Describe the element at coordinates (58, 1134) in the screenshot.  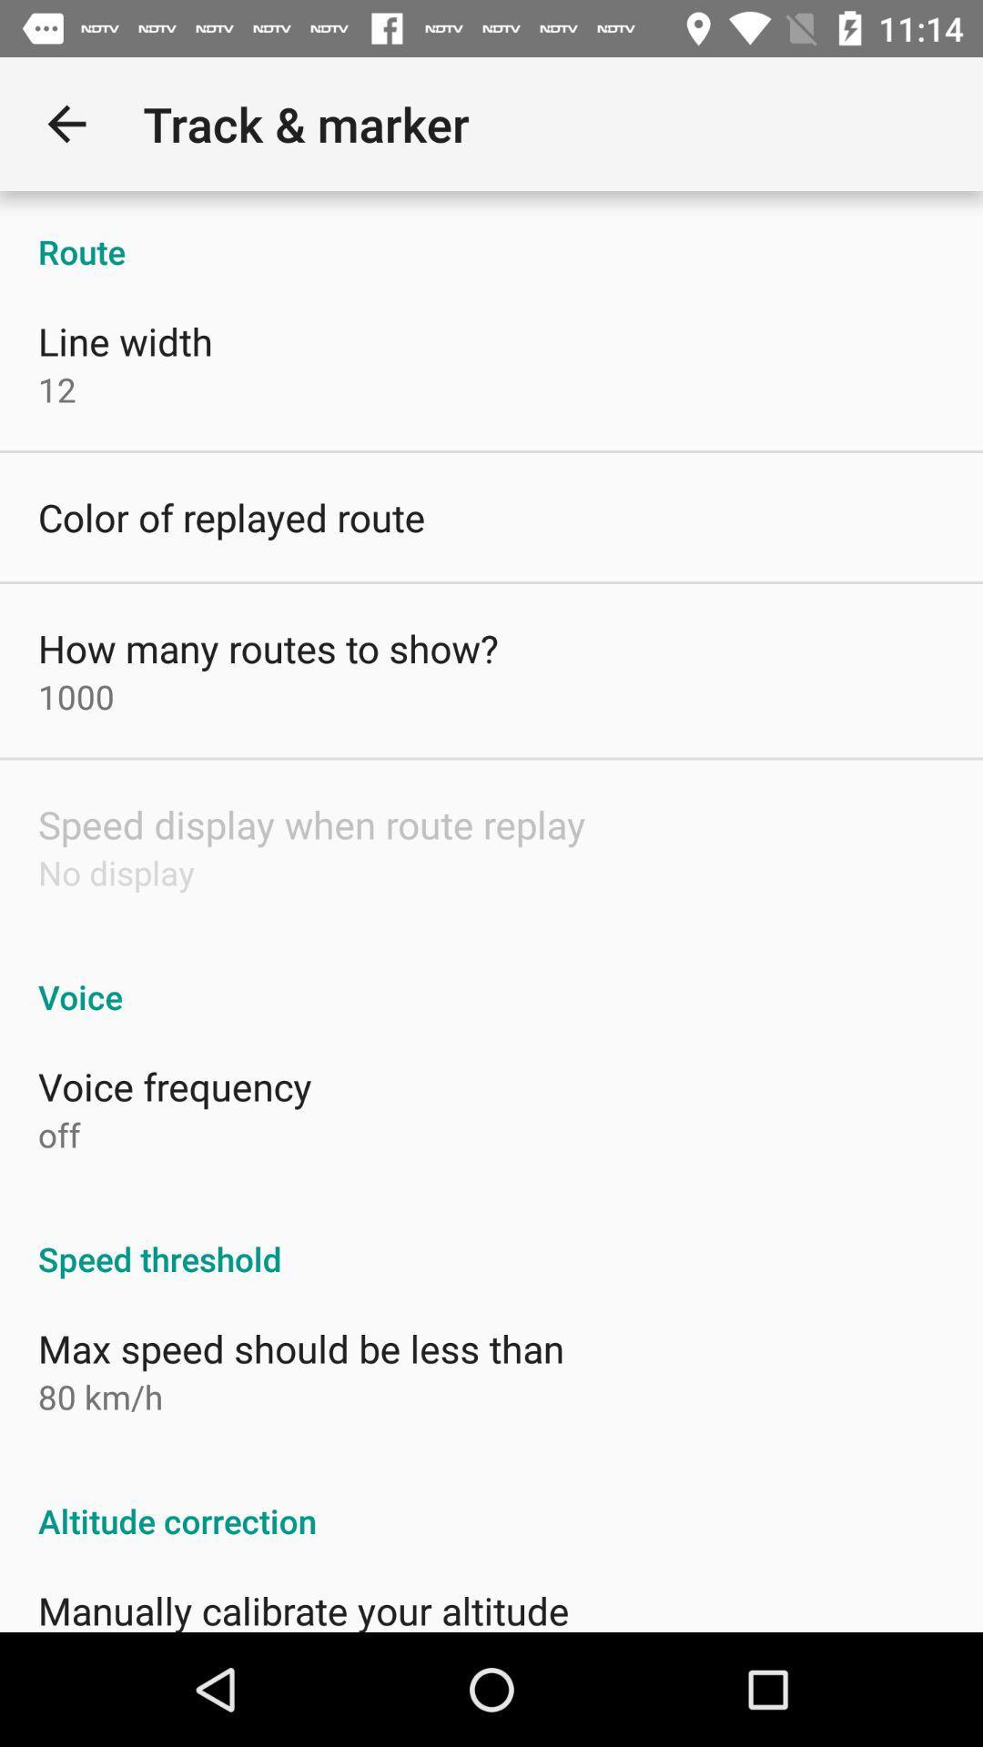
I see `the icon below voice frequency` at that location.